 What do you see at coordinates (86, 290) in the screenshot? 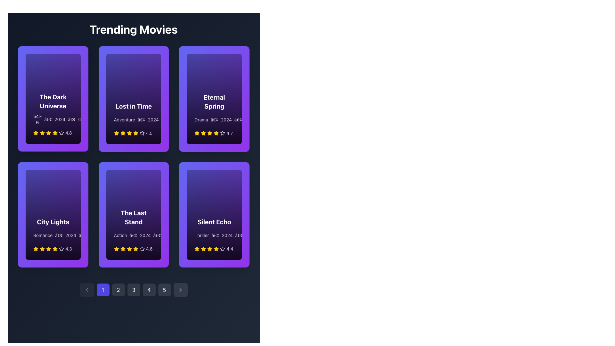
I see `the leftmost navigation button in the pagination controls` at bounding box center [86, 290].